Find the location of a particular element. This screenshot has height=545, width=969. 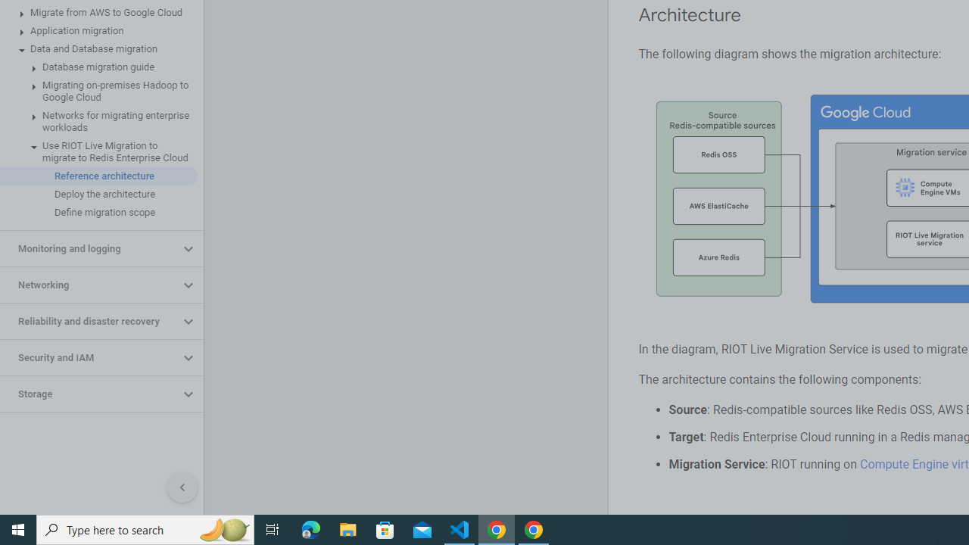

'Monitoring and logging' is located at coordinates (89, 248).